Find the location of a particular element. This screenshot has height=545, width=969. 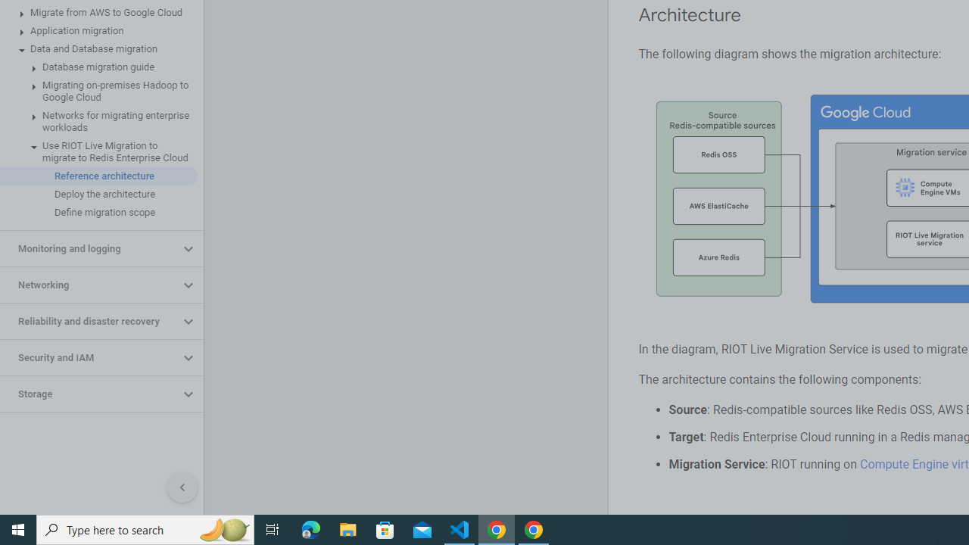

'Monitoring and logging' is located at coordinates (89, 248).